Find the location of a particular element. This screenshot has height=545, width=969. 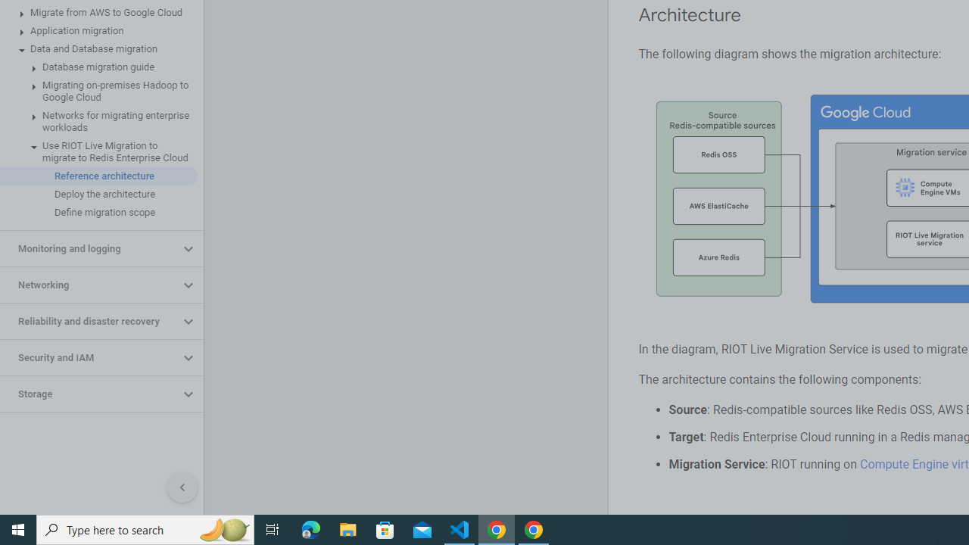

'Monitoring and logging' is located at coordinates (89, 248).